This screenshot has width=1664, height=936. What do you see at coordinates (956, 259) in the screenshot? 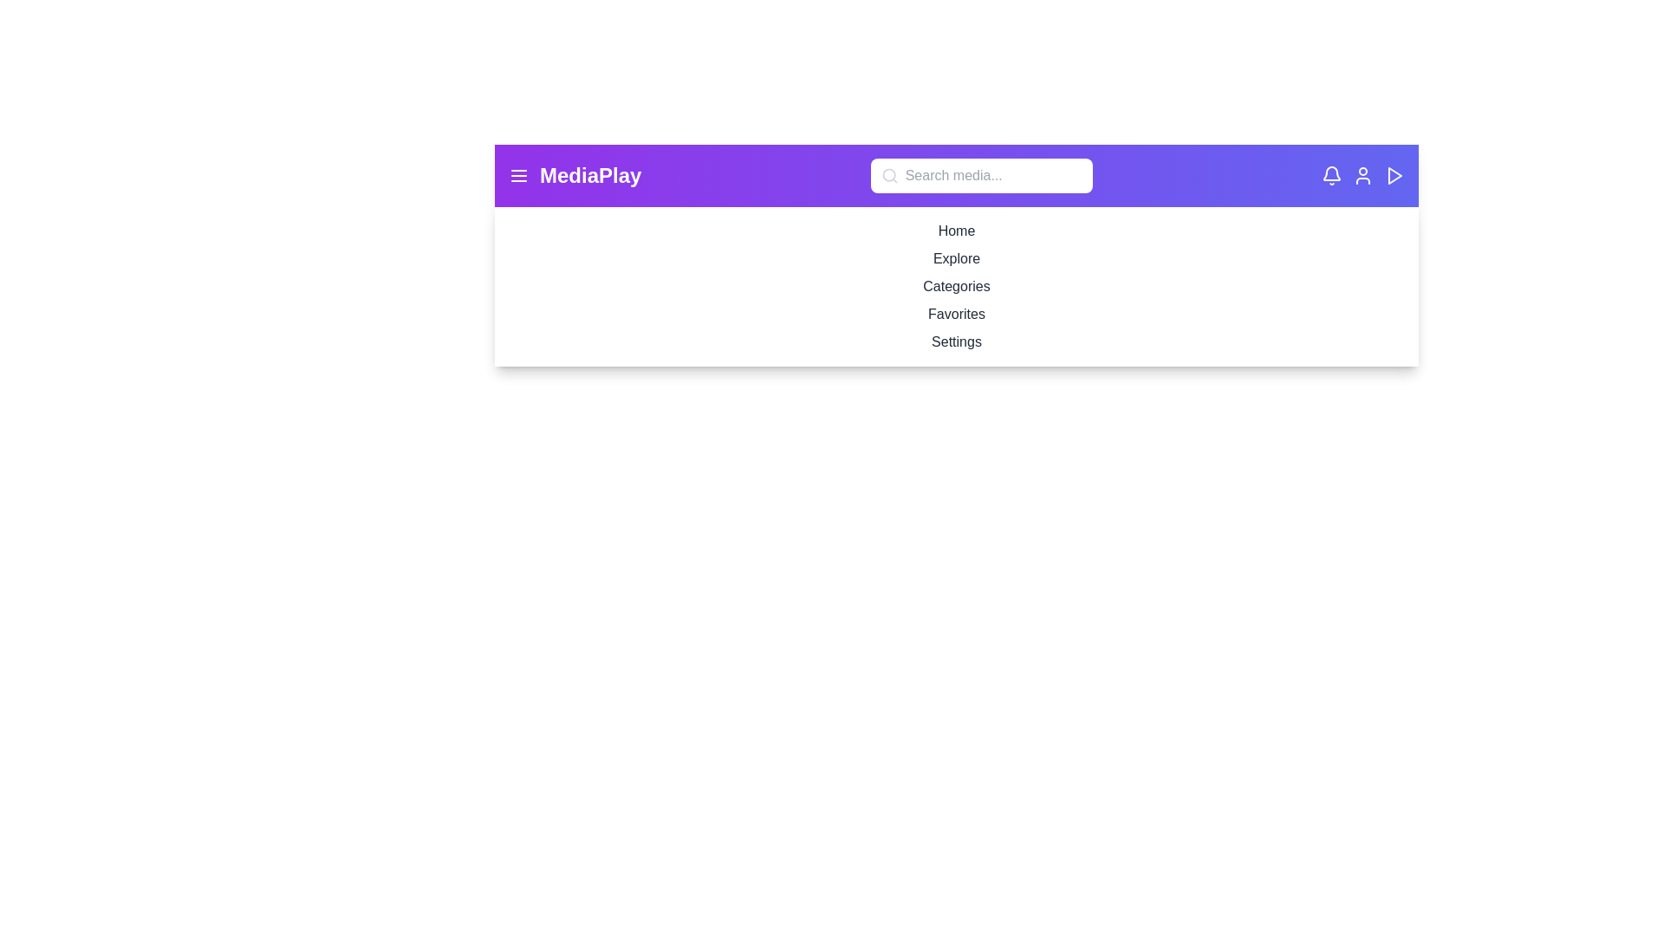
I see `the 'Explore' text label located as the second item in the vertical menu structure` at bounding box center [956, 259].